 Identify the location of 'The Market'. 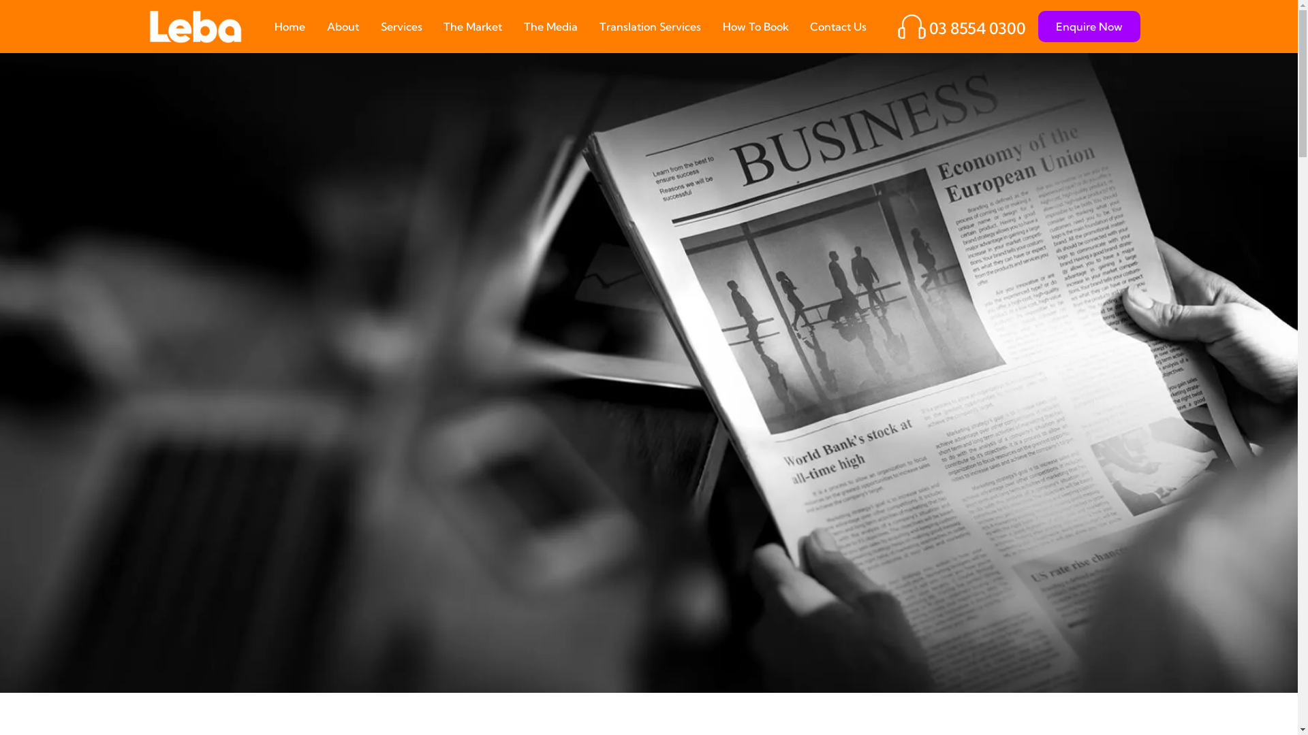
(433, 26).